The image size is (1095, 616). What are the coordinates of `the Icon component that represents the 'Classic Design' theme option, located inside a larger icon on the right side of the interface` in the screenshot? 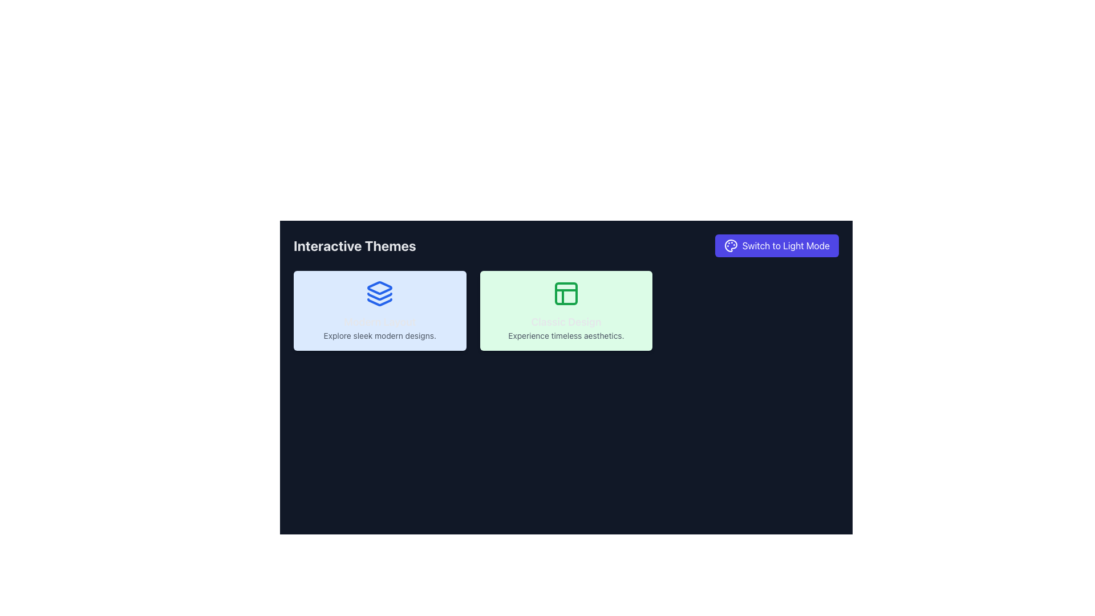 It's located at (566, 293).